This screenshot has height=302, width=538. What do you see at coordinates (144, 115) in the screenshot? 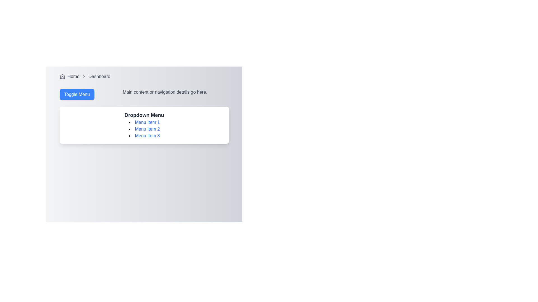
I see `the heading text of the dropdown menu, which is the first item within a white box with rounded corners and shadow, indicating the context of the menu items below it` at bounding box center [144, 115].